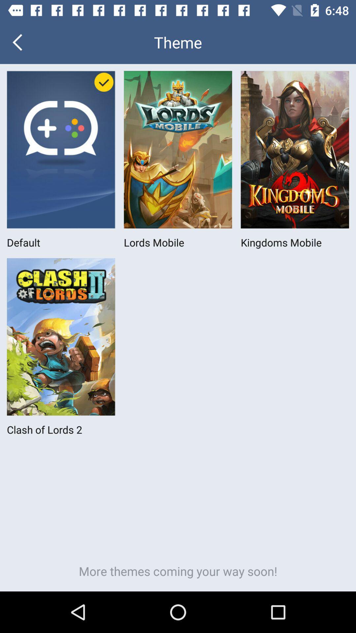  Describe the element at coordinates (61, 337) in the screenshot. I see `the icon above clash of lords 2` at that location.